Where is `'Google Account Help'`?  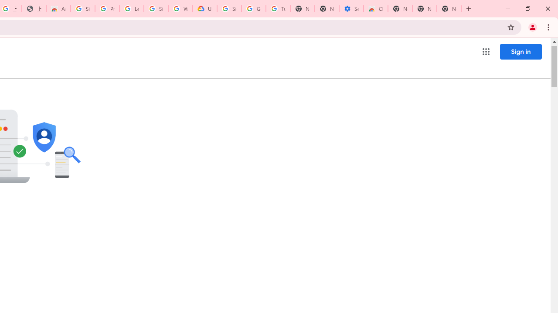
'Google Account Help' is located at coordinates (253, 9).